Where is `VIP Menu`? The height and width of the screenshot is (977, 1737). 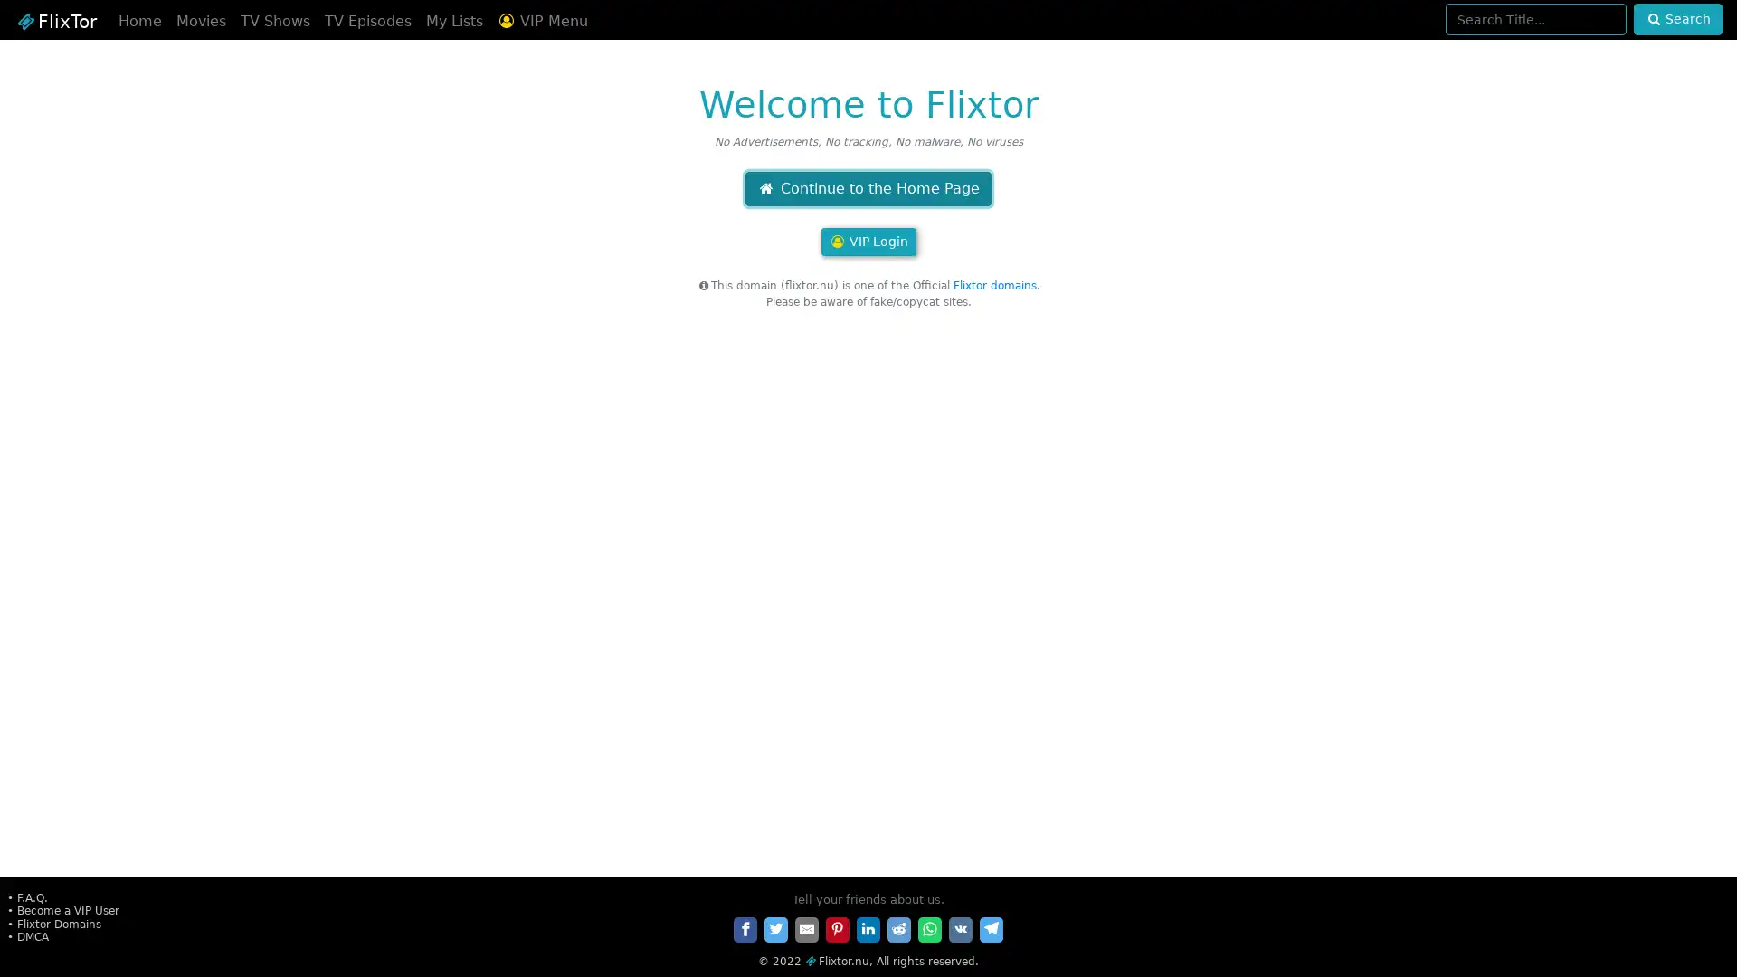
VIP Menu is located at coordinates (541, 21).